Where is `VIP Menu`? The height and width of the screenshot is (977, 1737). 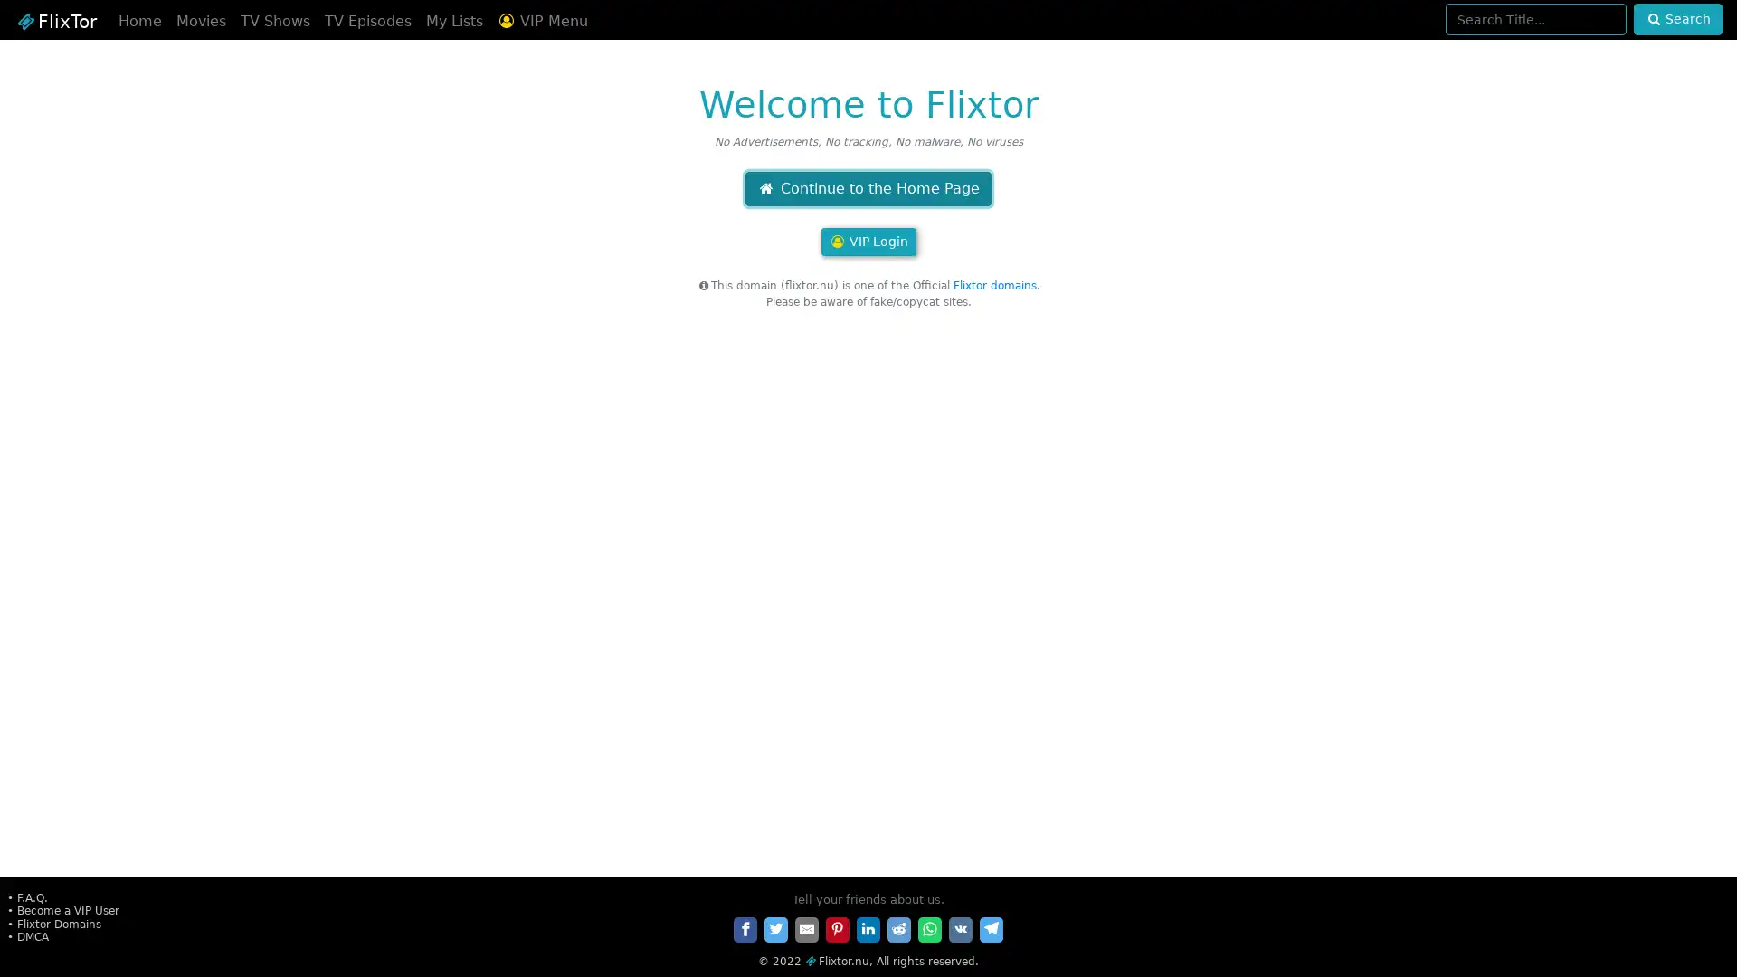
VIP Menu is located at coordinates (541, 21).